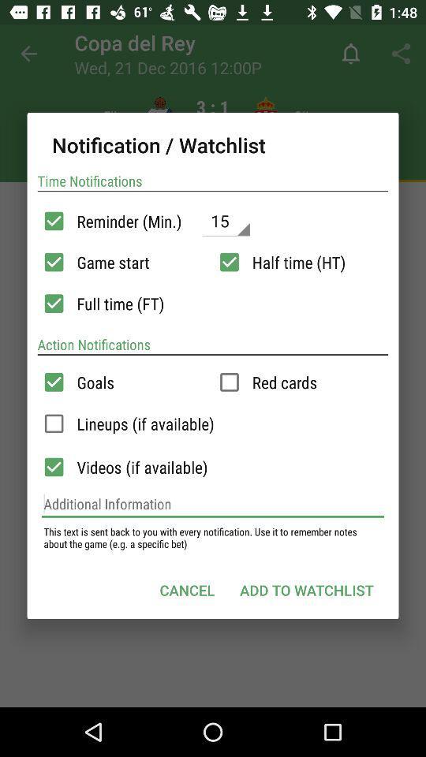  I want to click on watch list selection videos, so click(53, 467).